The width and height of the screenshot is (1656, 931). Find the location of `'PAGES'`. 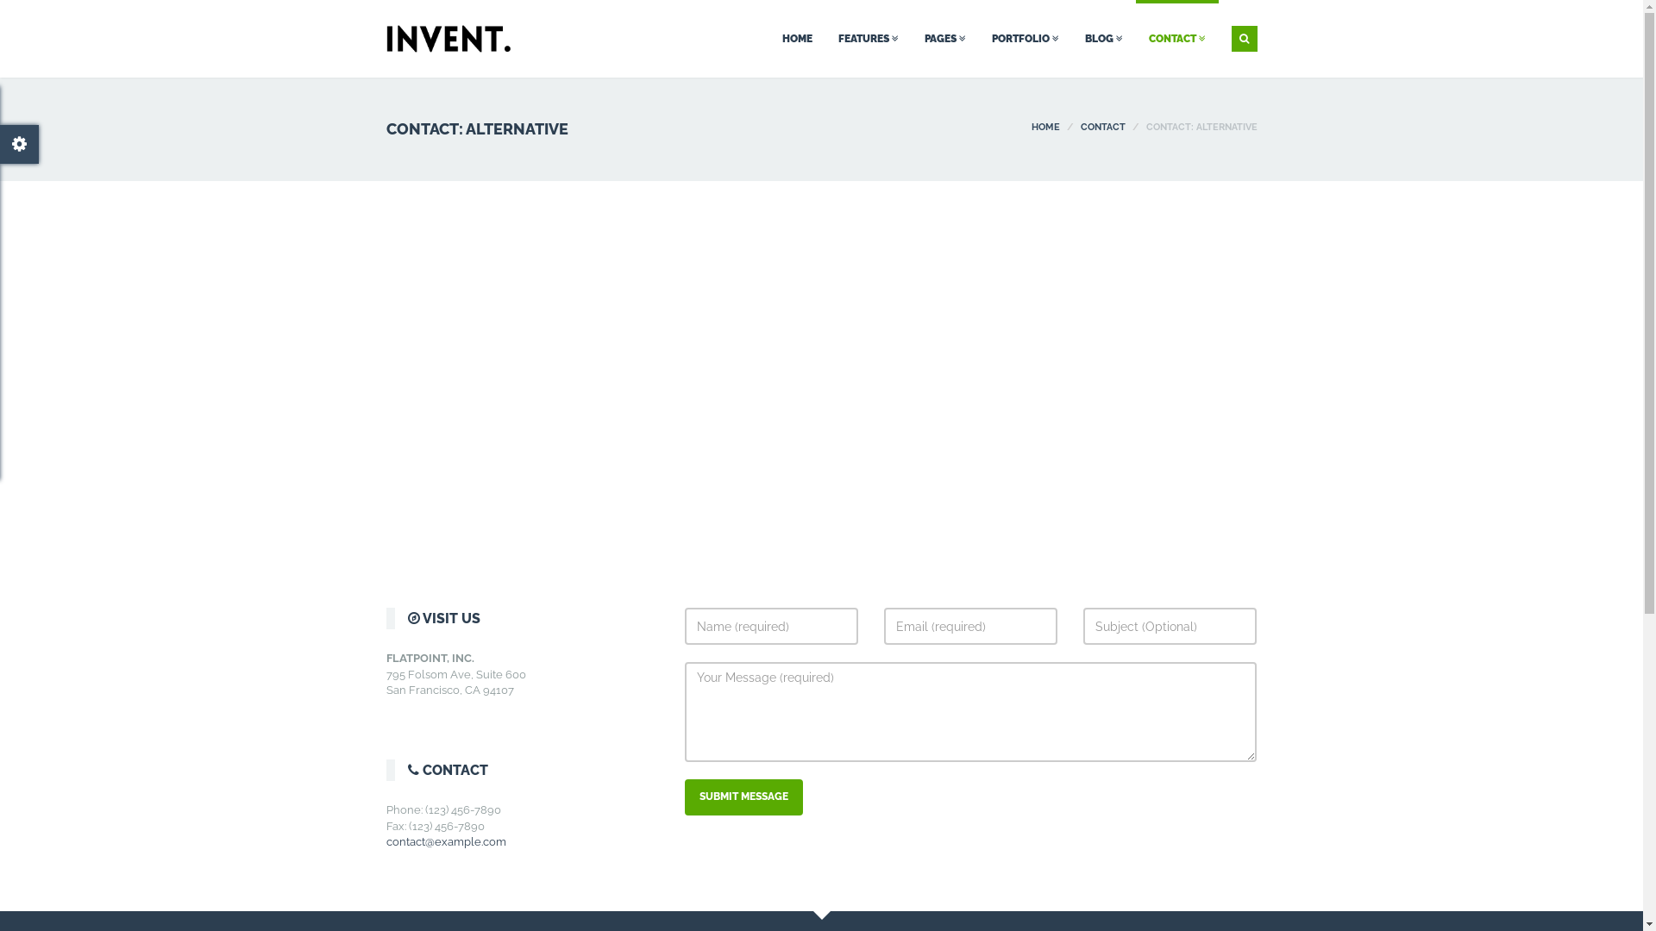

'PAGES' is located at coordinates (943, 39).